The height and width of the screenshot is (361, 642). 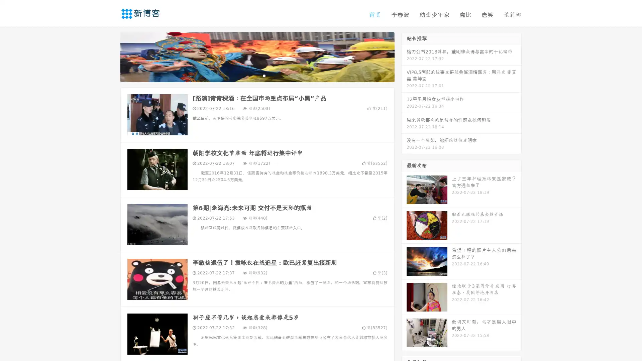 What do you see at coordinates (110, 56) in the screenshot?
I see `Previous slide` at bounding box center [110, 56].